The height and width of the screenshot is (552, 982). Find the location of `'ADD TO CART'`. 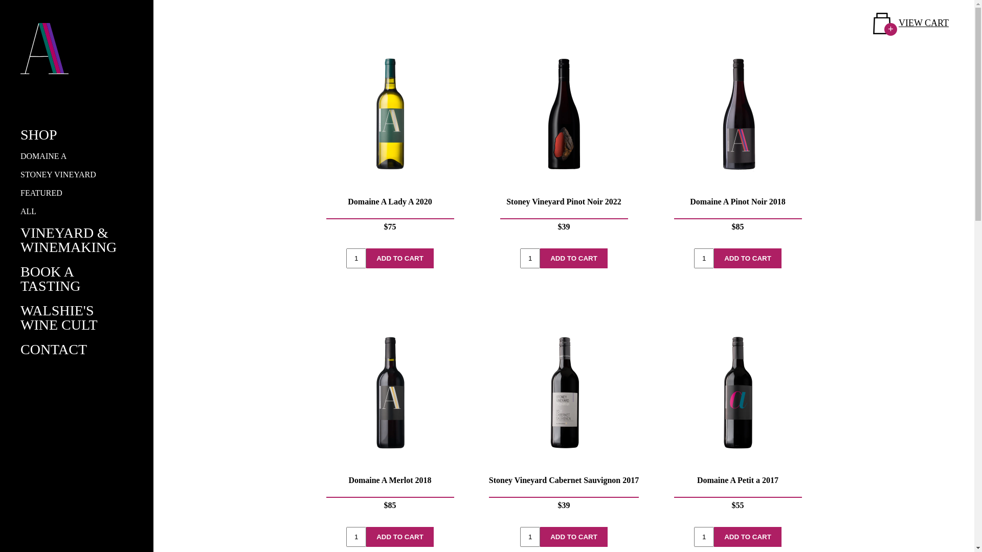

'ADD TO CART' is located at coordinates (399, 258).